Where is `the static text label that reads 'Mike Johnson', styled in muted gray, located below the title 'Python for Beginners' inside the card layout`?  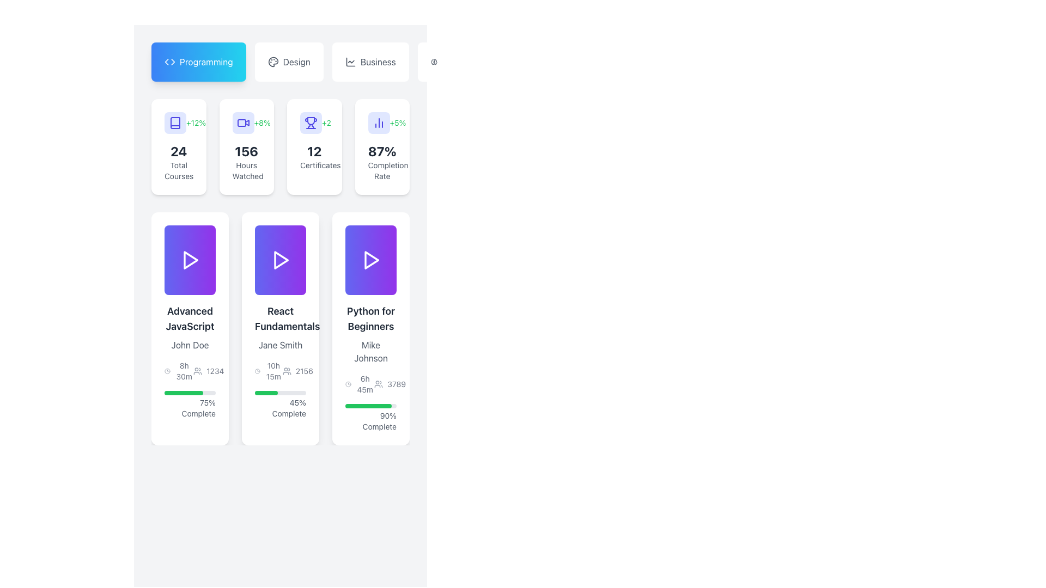 the static text label that reads 'Mike Johnson', styled in muted gray, located below the title 'Python for Beginners' inside the card layout is located at coordinates (371, 351).